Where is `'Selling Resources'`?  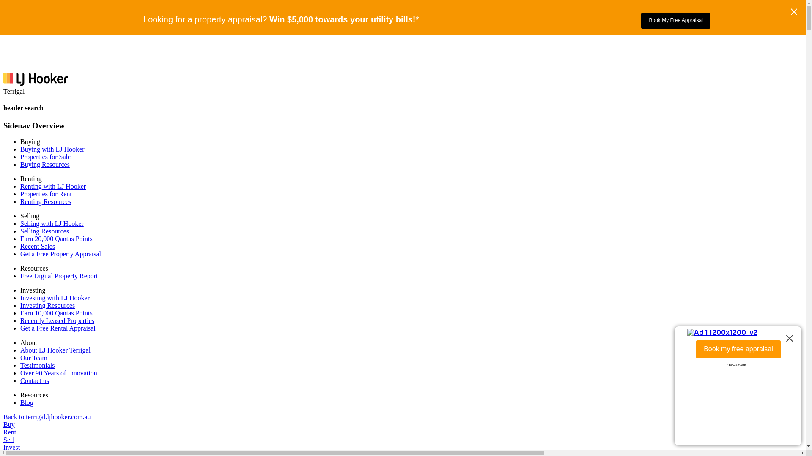
'Selling Resources' is located at coordinates (20, 231).